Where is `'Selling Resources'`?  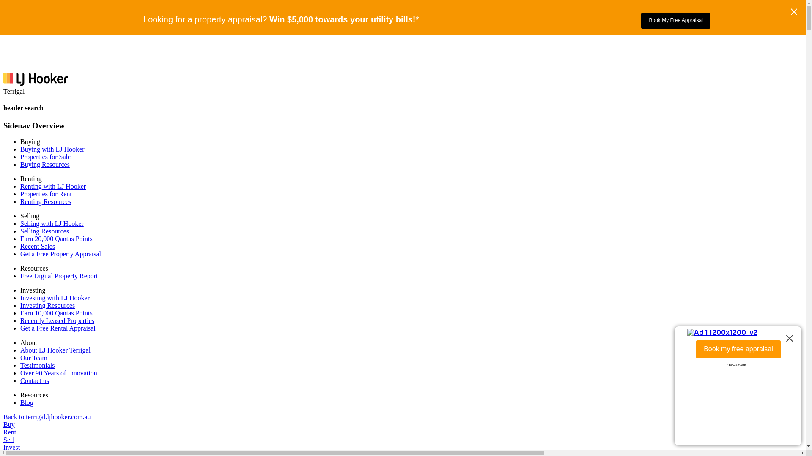
'Selling Resources' is located at coordinates (20, 231).